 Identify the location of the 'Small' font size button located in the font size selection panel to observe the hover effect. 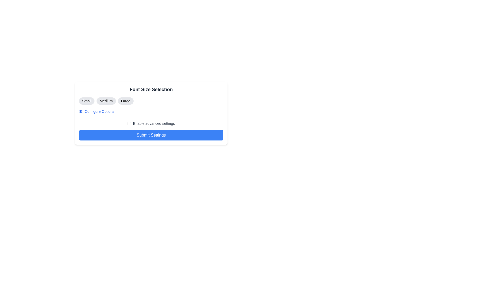
(87, 101).